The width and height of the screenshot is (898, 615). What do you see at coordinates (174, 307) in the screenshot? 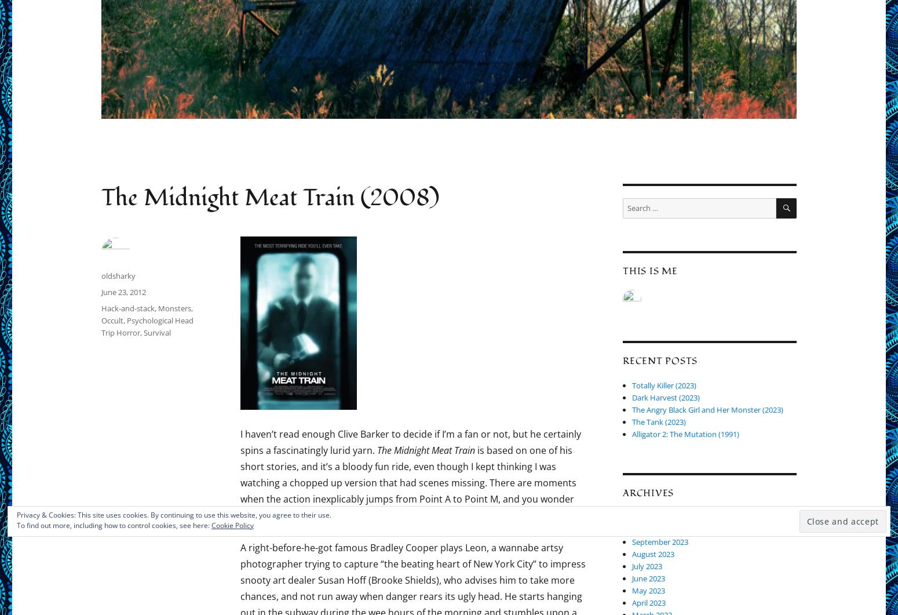
I see `'Monsters'` at bounding box center [174, 307].